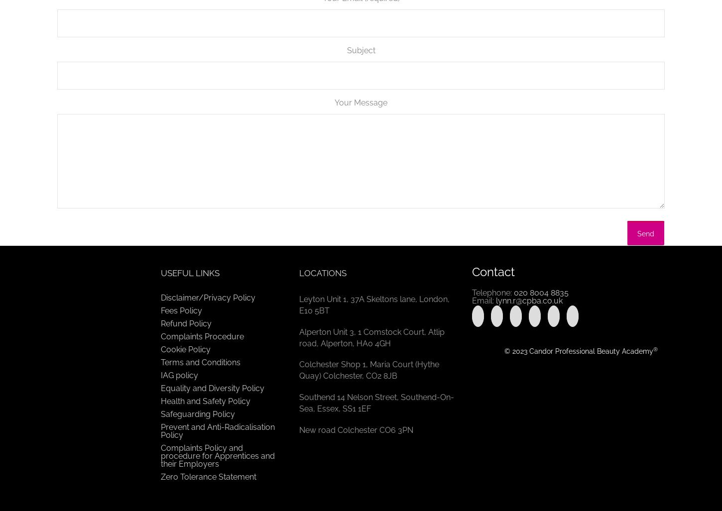  What do you see at coordinates (374, 305) in the screenshot?
I see `'Leyton Unit 1, 37A Skeltons lane, London, E10 5BT'` at bounding box center [374, 305].